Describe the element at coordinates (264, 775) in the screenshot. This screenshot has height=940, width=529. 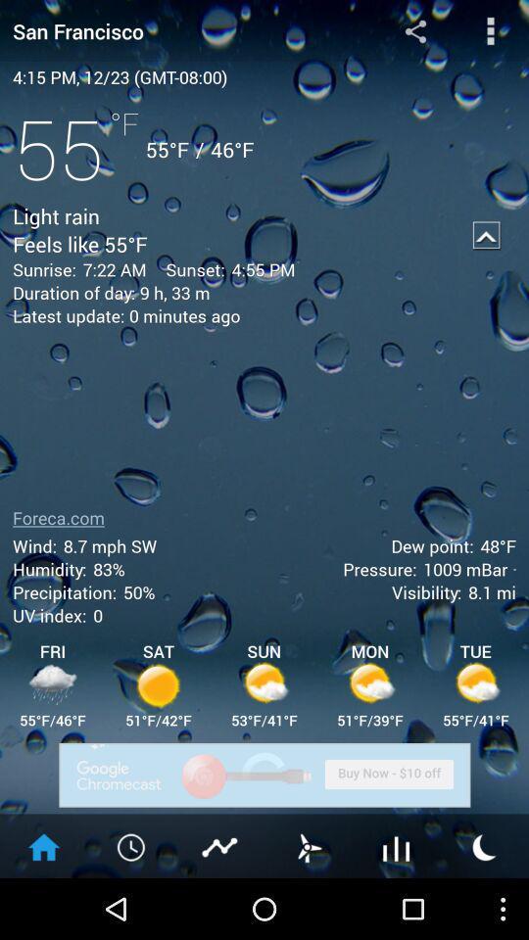
I see `be redirected to purchase google chrome nest for ten dollars off` at that location.